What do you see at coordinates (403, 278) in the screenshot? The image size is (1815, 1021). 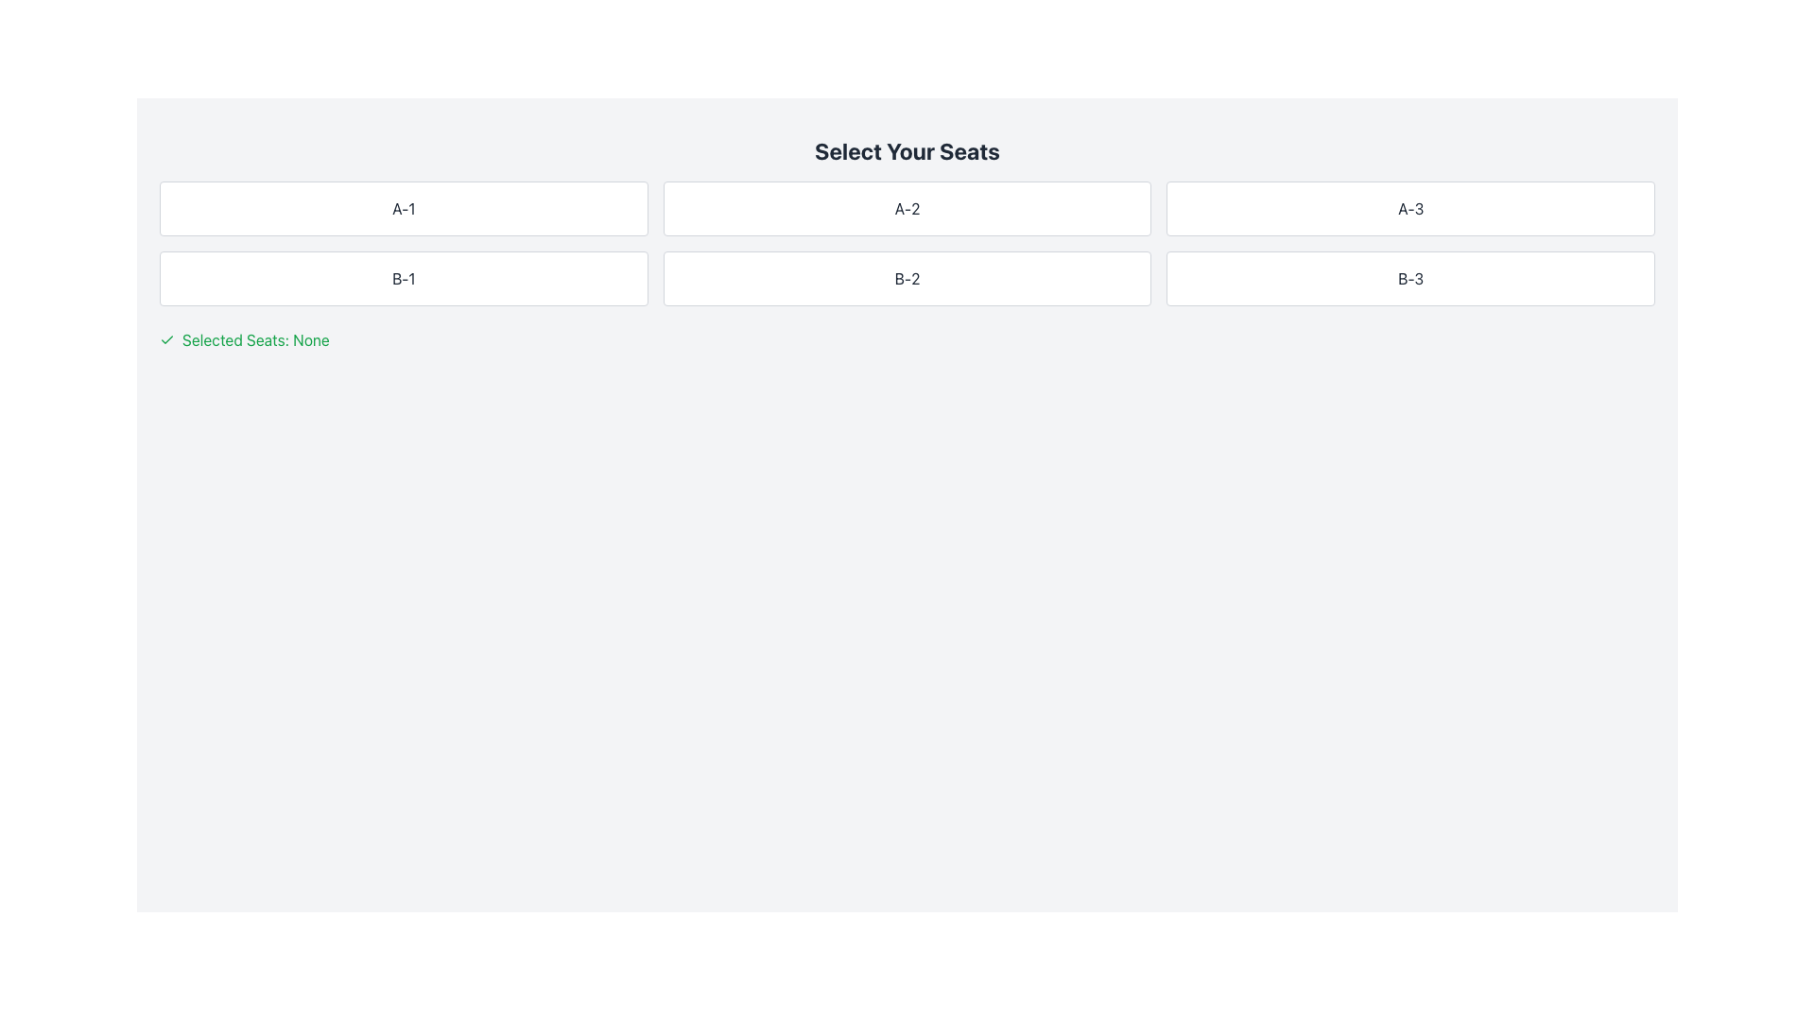 I see `the rectangular button labeled 'B-1' with a white background and grey border` at bounding box center [403, 278].